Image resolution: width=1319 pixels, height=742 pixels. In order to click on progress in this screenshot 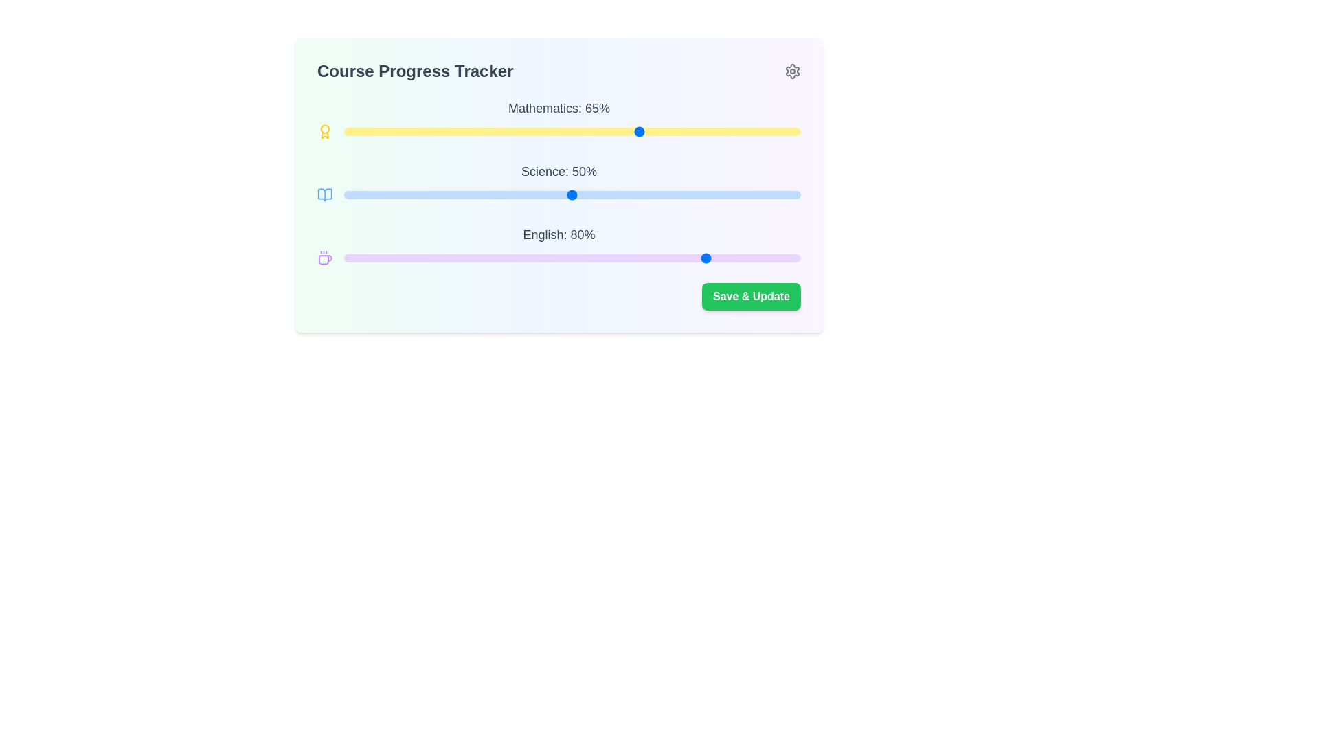, I will do `click(581, 195)`.